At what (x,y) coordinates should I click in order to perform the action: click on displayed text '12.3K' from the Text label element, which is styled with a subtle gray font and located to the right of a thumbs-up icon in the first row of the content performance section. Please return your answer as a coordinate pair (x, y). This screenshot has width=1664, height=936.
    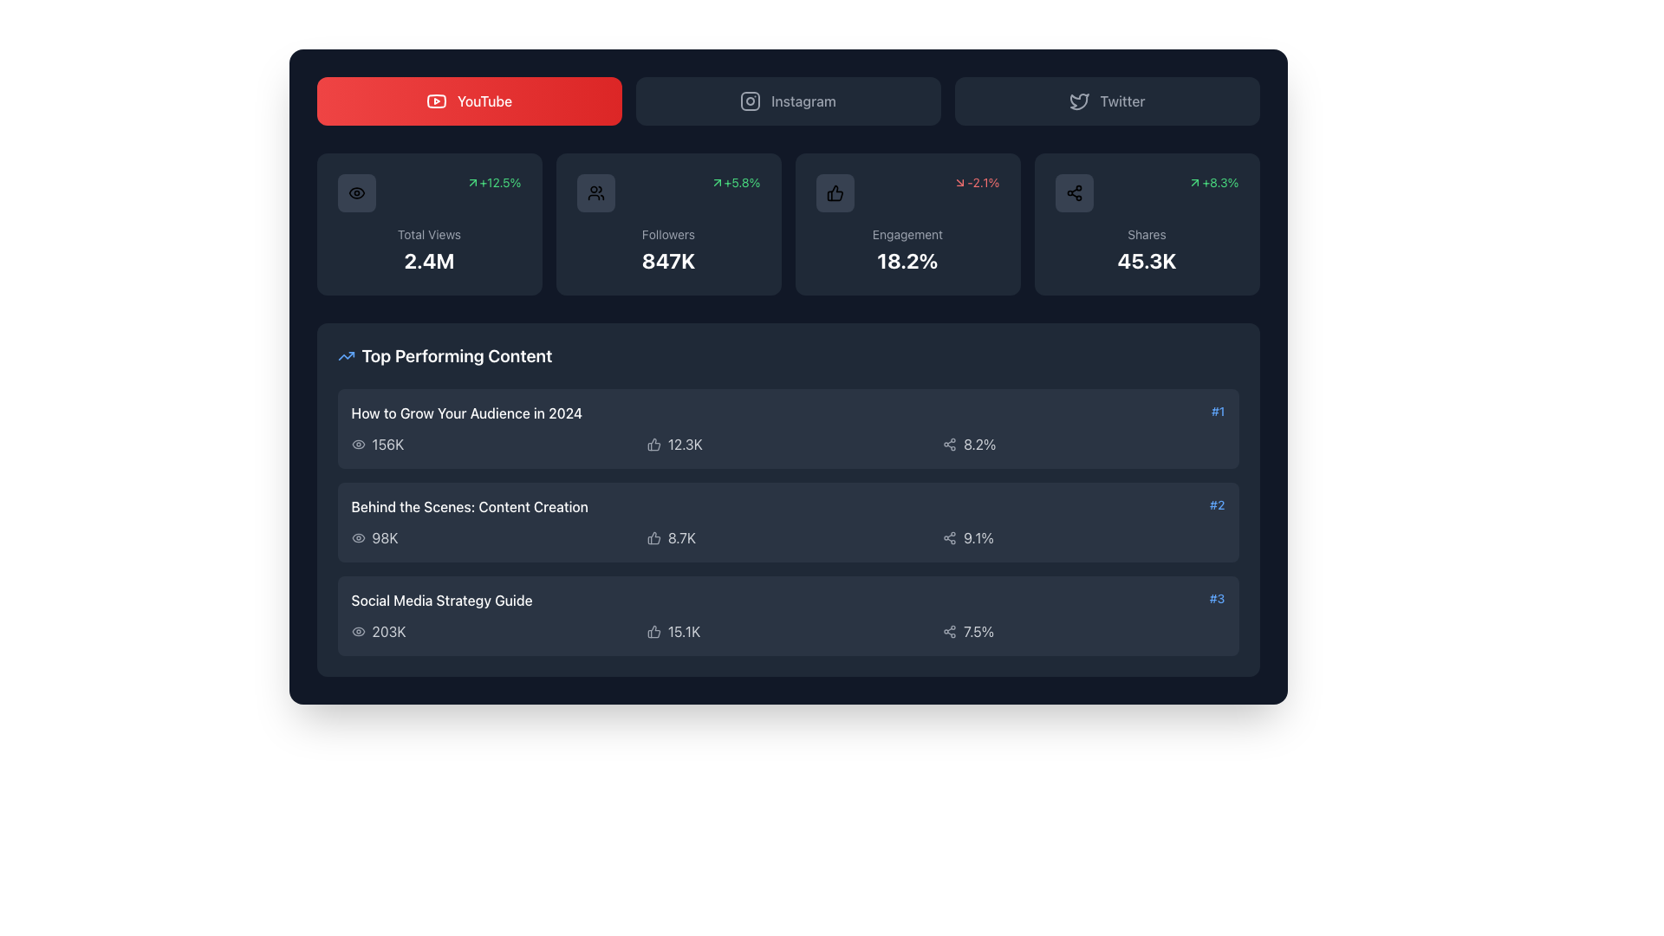
    Looking at the image, I should click on (684, 444).